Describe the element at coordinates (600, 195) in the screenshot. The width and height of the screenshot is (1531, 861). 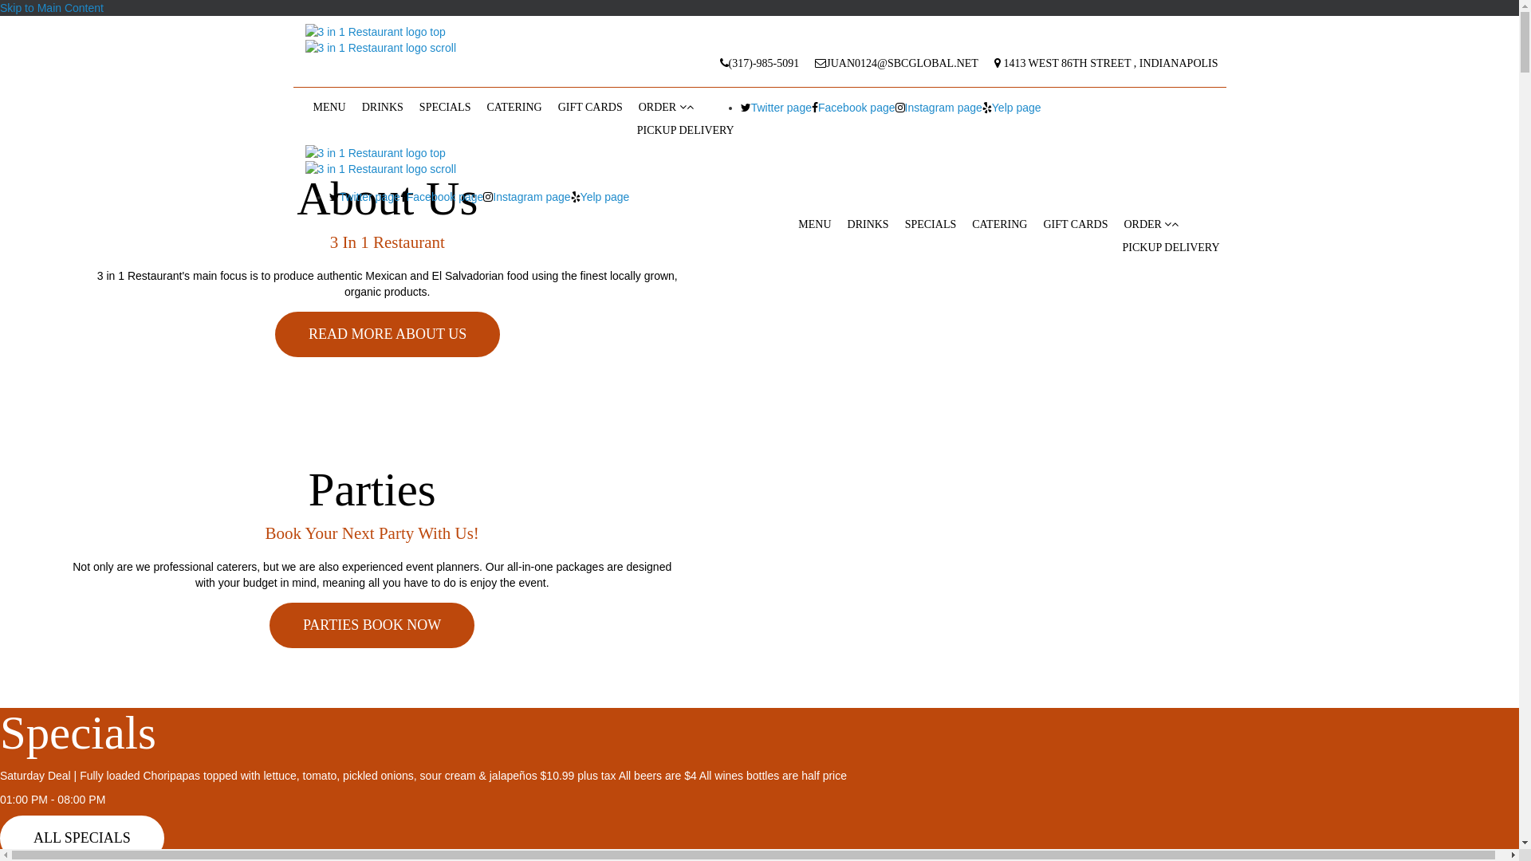
I see `'Yelp page'` at that location.